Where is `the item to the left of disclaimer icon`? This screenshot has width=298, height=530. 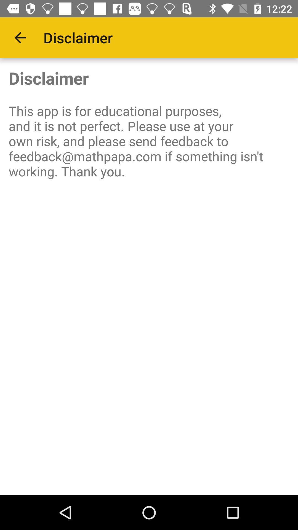 the item to the left of disclaimer icon is located at coordinates (20, 37).